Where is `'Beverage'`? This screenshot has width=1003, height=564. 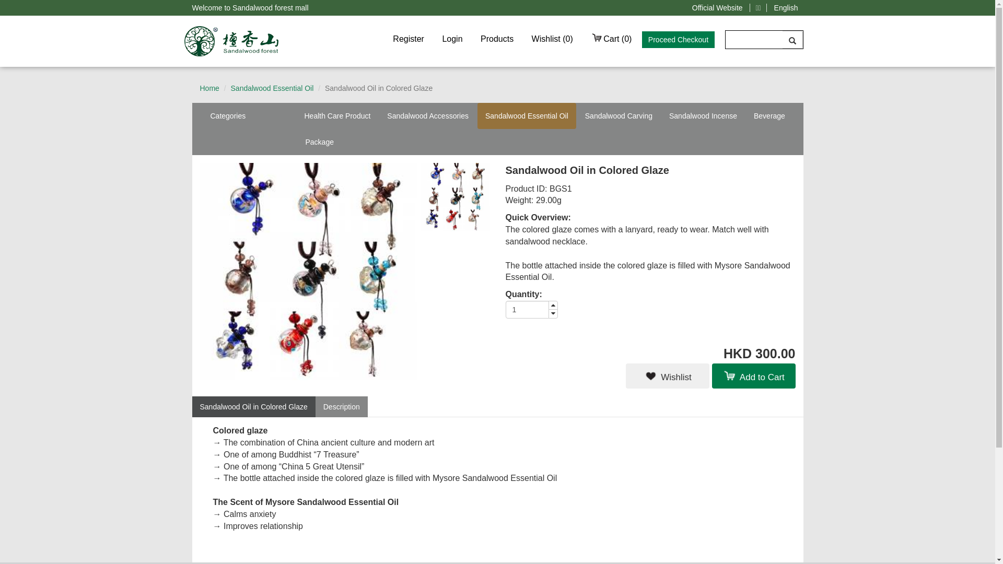 'Beverage' is located at coordinates (769, 116).